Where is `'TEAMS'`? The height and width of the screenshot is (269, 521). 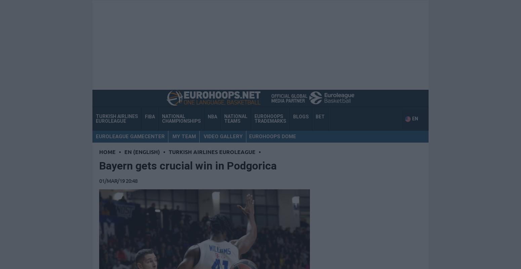
'TEAMS' is located at coordinates (232, 121).